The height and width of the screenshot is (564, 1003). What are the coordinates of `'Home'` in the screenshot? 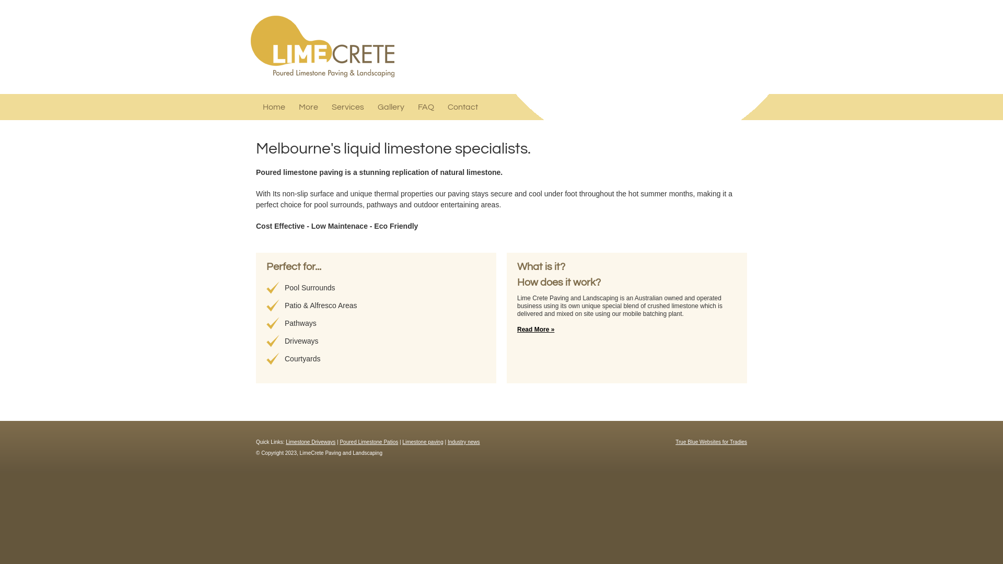 It's located at (263, 107).